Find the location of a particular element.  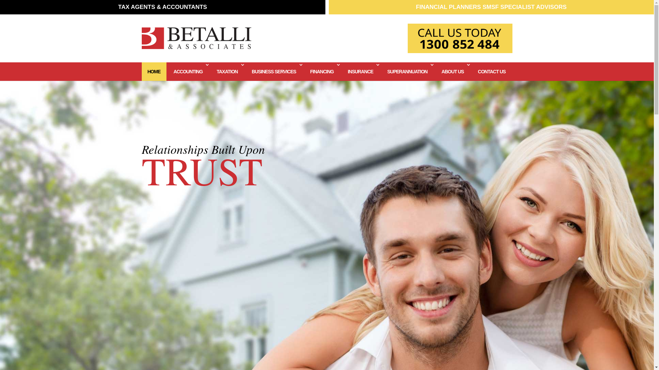

'ABOUT US' is located at coordinates (435, 71).